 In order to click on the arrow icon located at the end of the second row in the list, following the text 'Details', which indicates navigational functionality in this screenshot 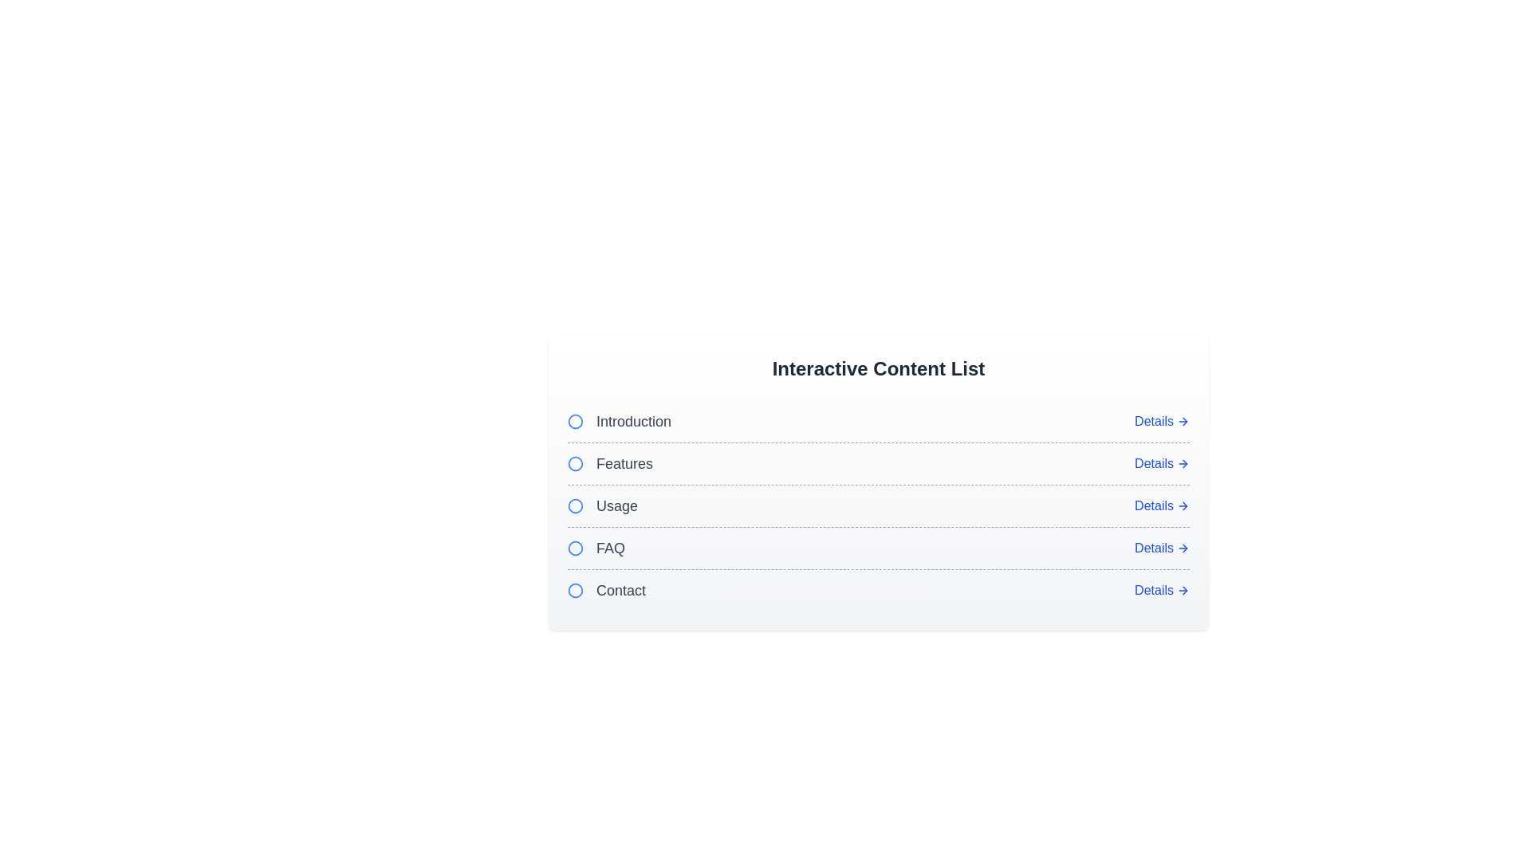, I will do `click(1183, 464)`.